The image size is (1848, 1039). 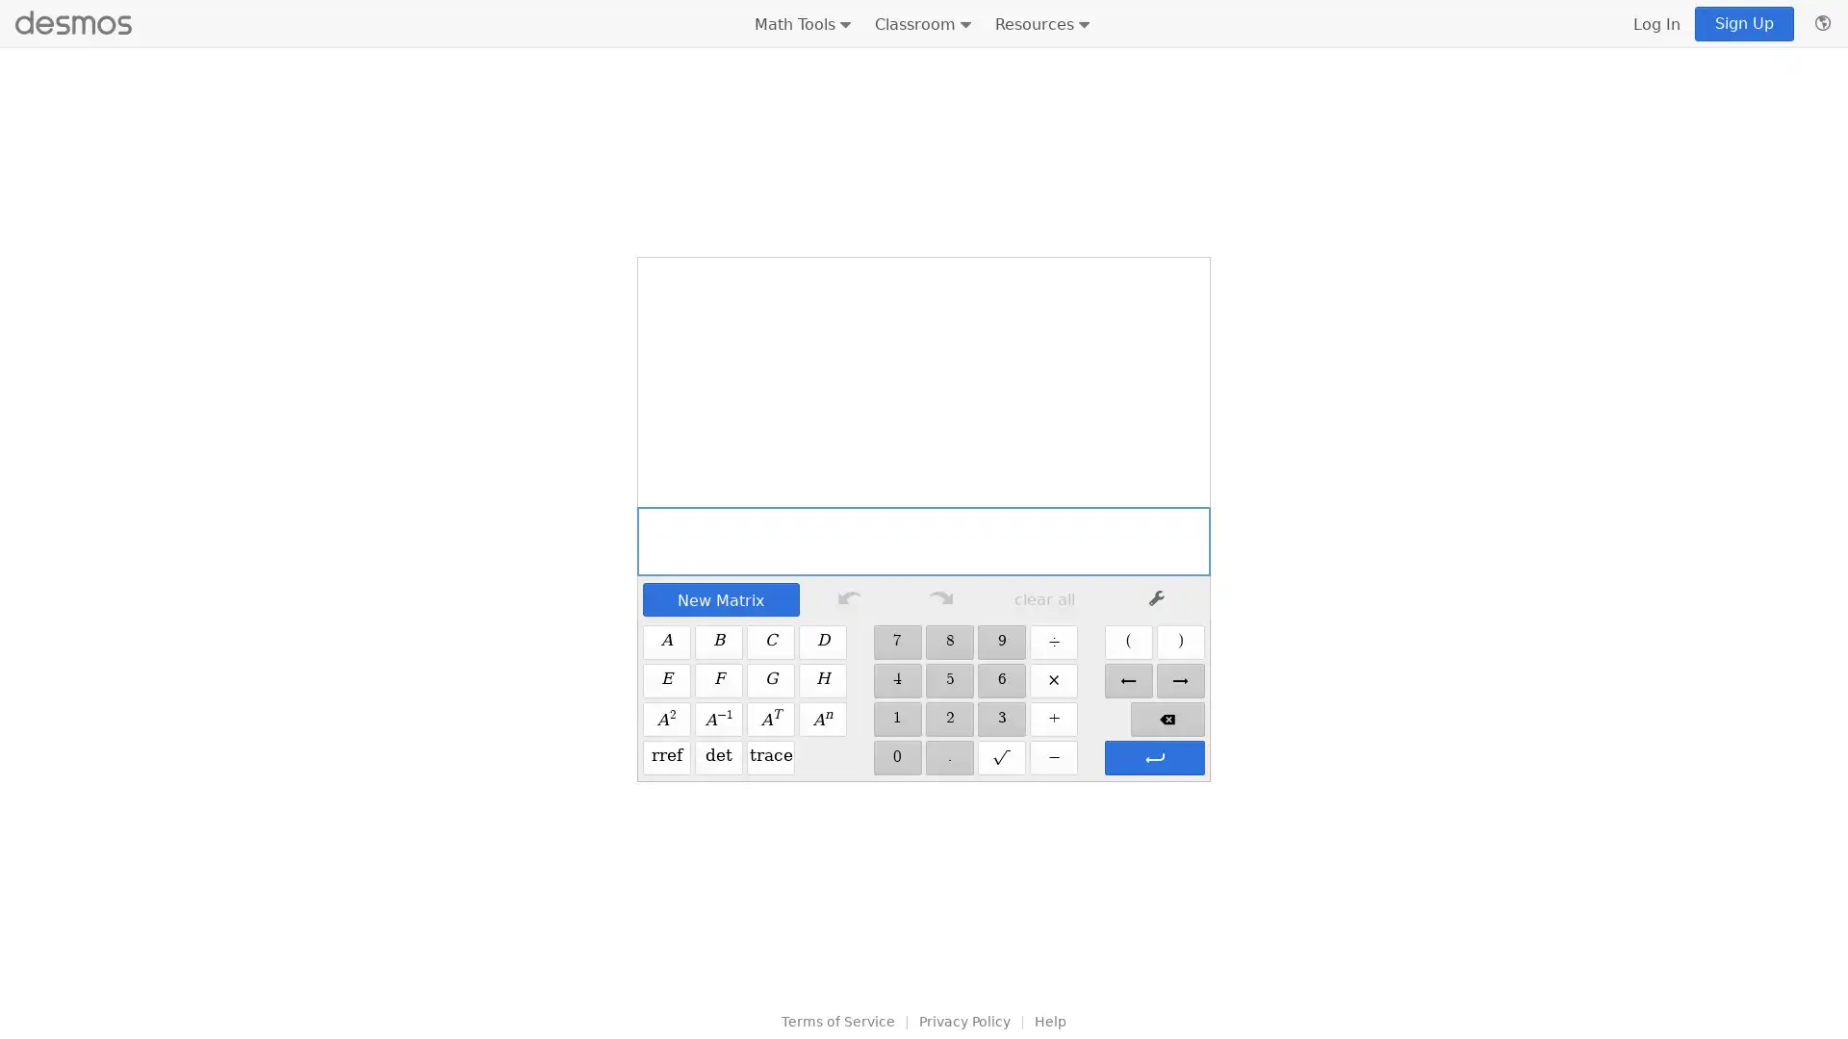 I want to click on 1, so click(x=895, y=720).